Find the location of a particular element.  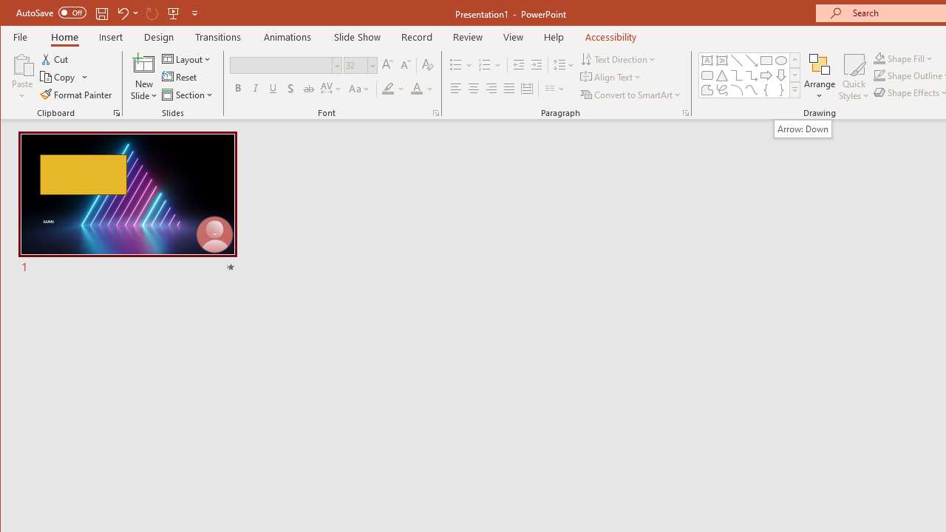

'Decrease Indent' is located at coordinates (519, 64).